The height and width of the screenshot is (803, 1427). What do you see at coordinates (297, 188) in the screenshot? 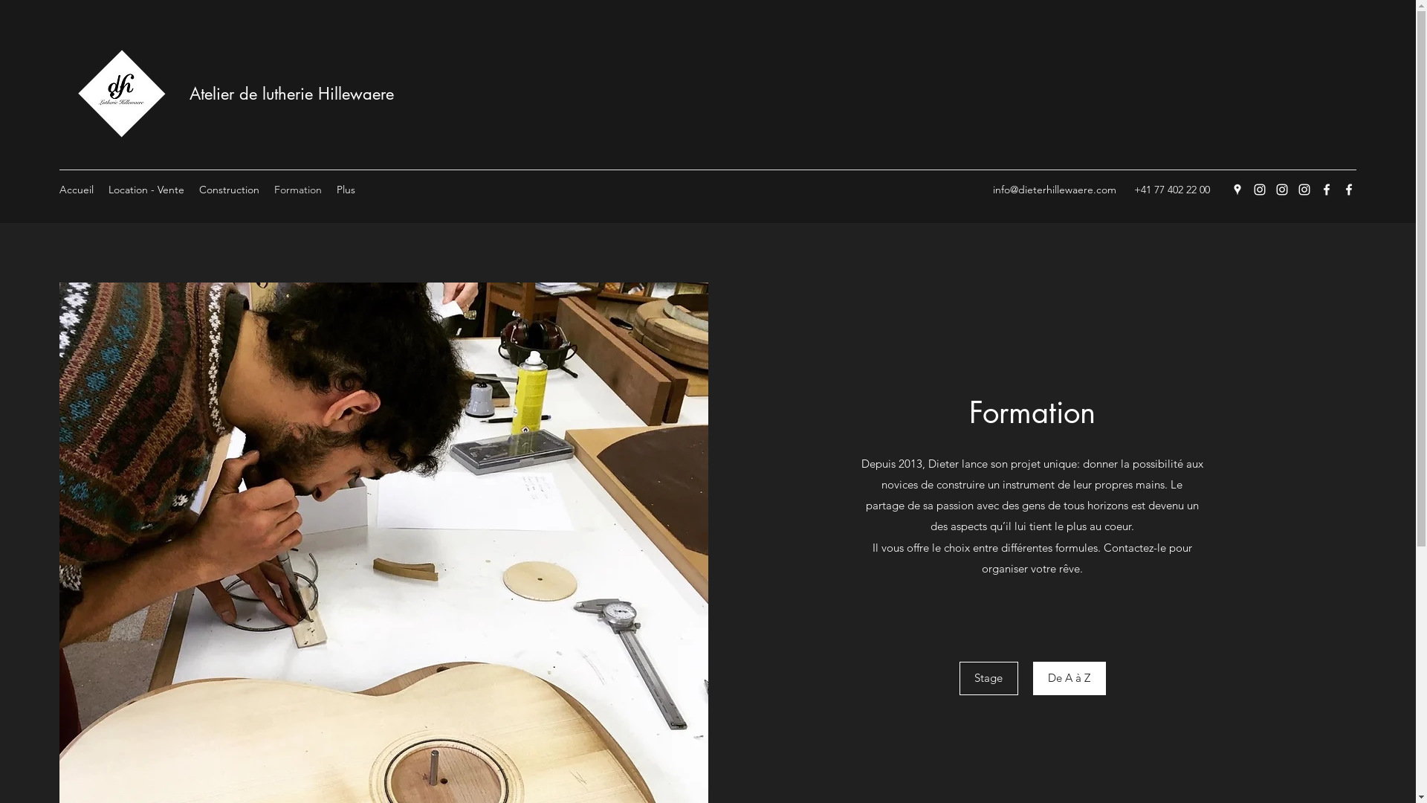
I see `'Formation'` at bounding box center [297, 188].